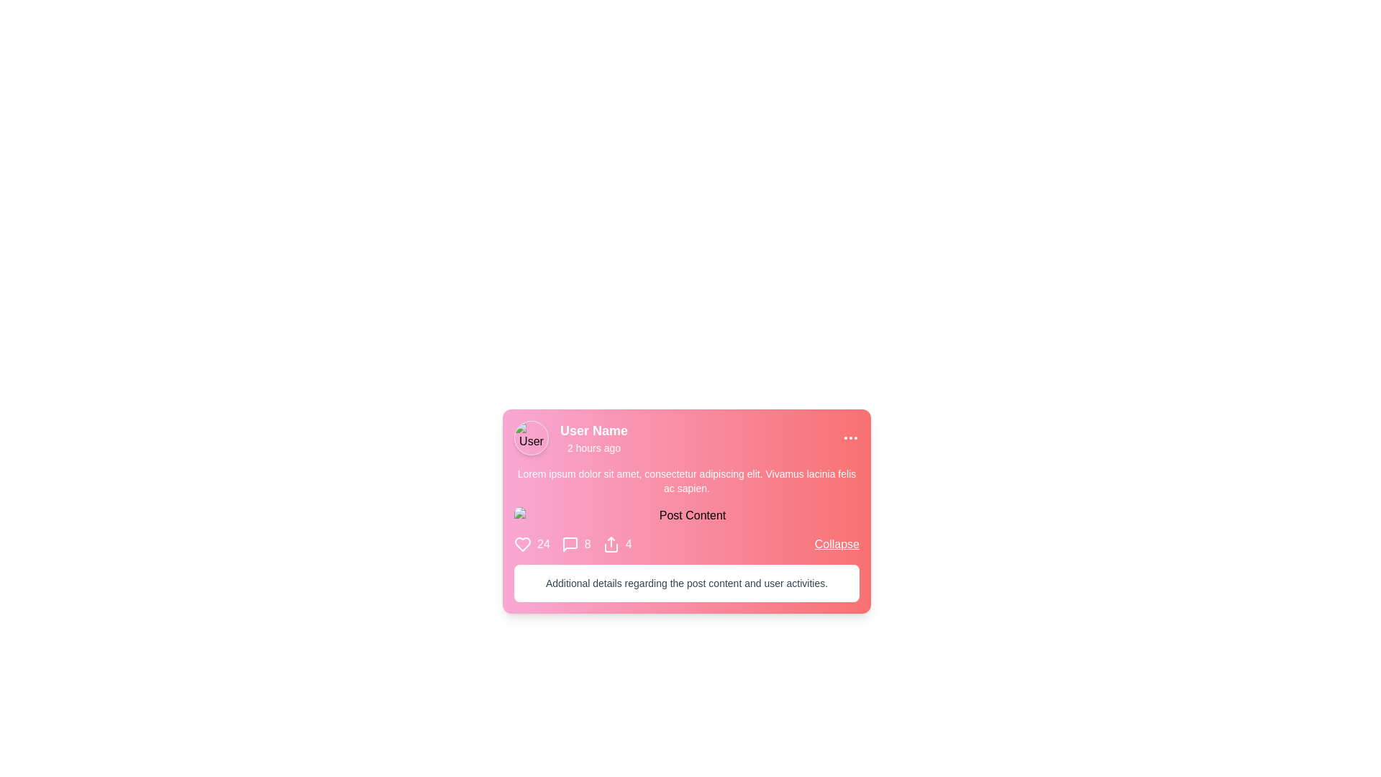 This screenshot has width=1381, height=777. What do you see at coordinates (629, 544) in the screenshot?
I see `the displayed number in the text display located at the right end of the icon group` at bounding box center [629, 544].